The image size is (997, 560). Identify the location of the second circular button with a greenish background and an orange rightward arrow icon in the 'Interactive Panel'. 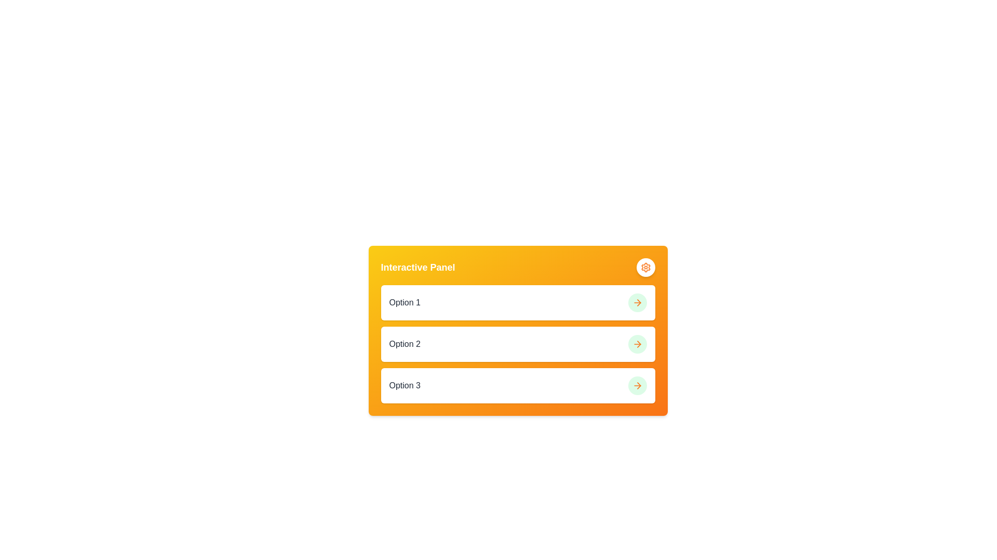
(637, 344).